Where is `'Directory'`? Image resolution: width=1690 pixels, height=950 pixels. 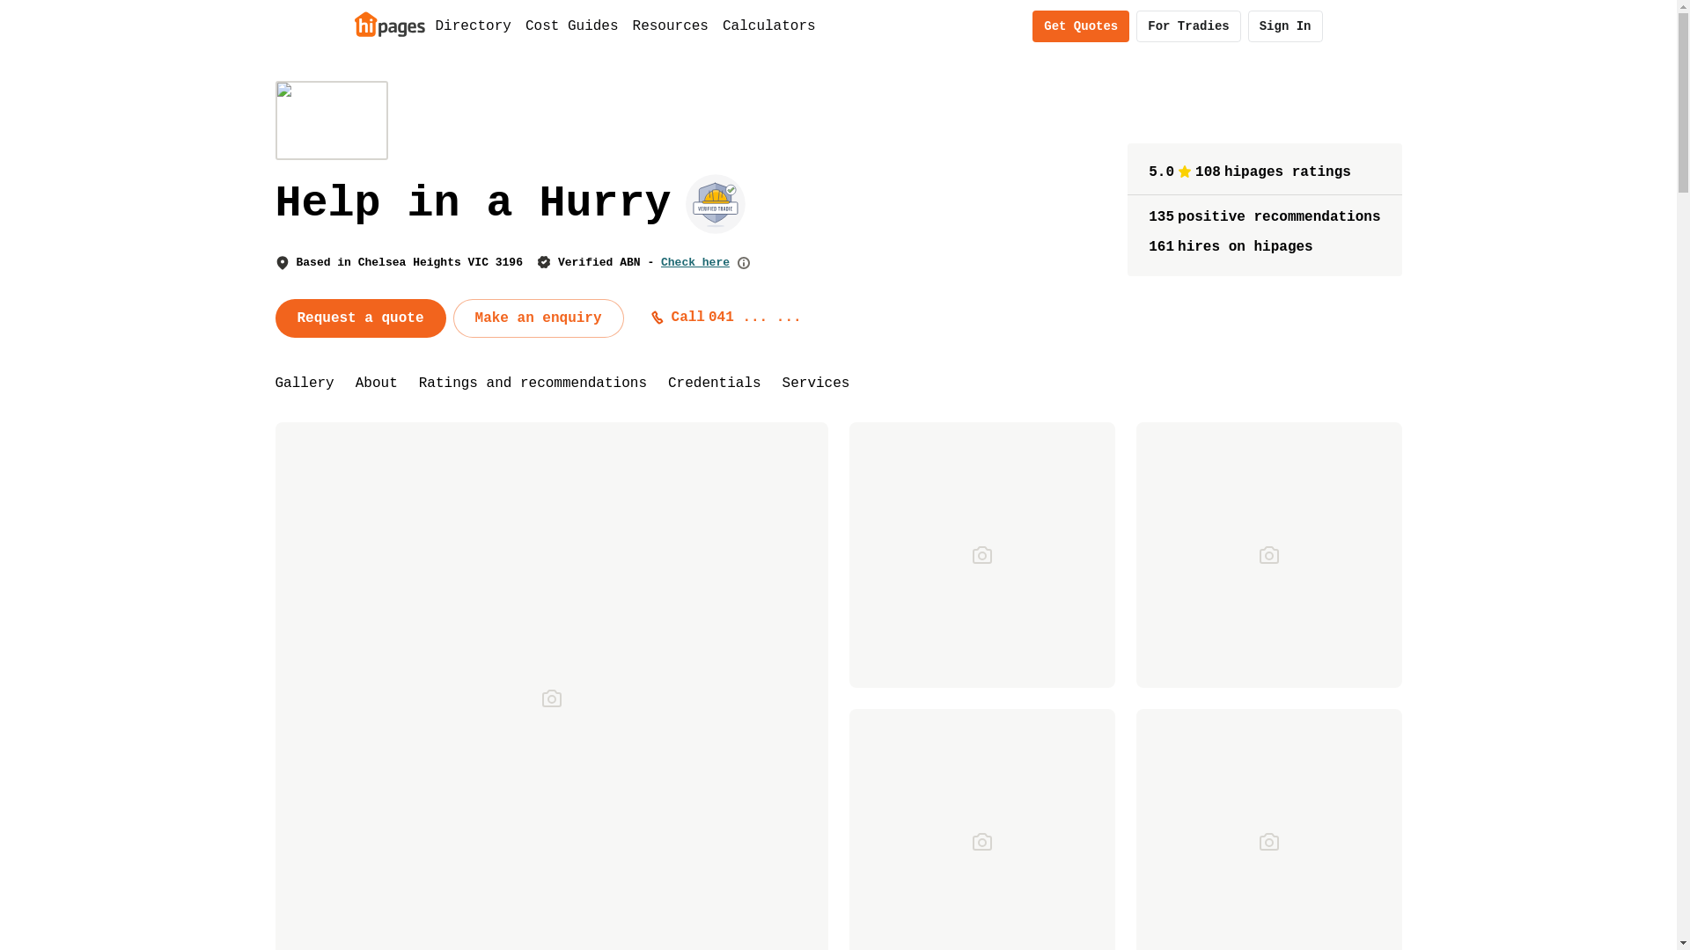 'Directory' is located at coordinates (473, 26).